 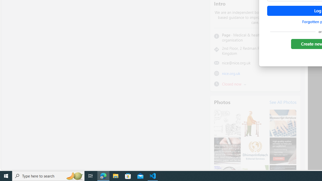 I want to click on 'Type here to search', so click(x=48, y=175).